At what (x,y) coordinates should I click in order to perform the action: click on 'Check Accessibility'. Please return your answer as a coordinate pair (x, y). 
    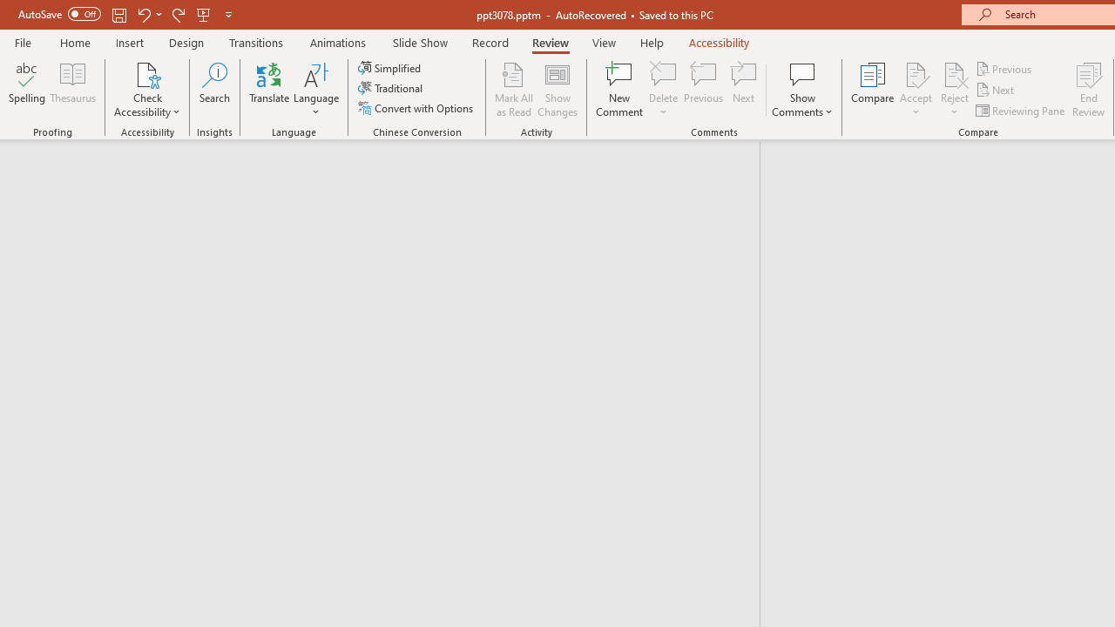
    Looking at the image, I should click on (147, 73).